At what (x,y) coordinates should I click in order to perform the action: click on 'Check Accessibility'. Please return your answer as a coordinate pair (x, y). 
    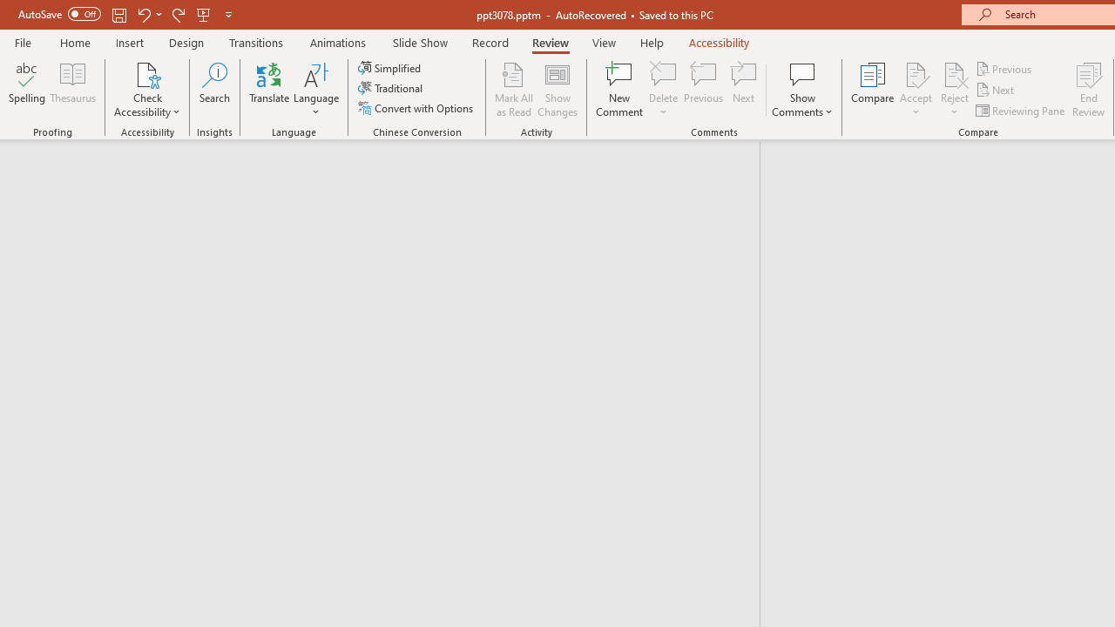
    Looking at the image, I should click on (147, 73).